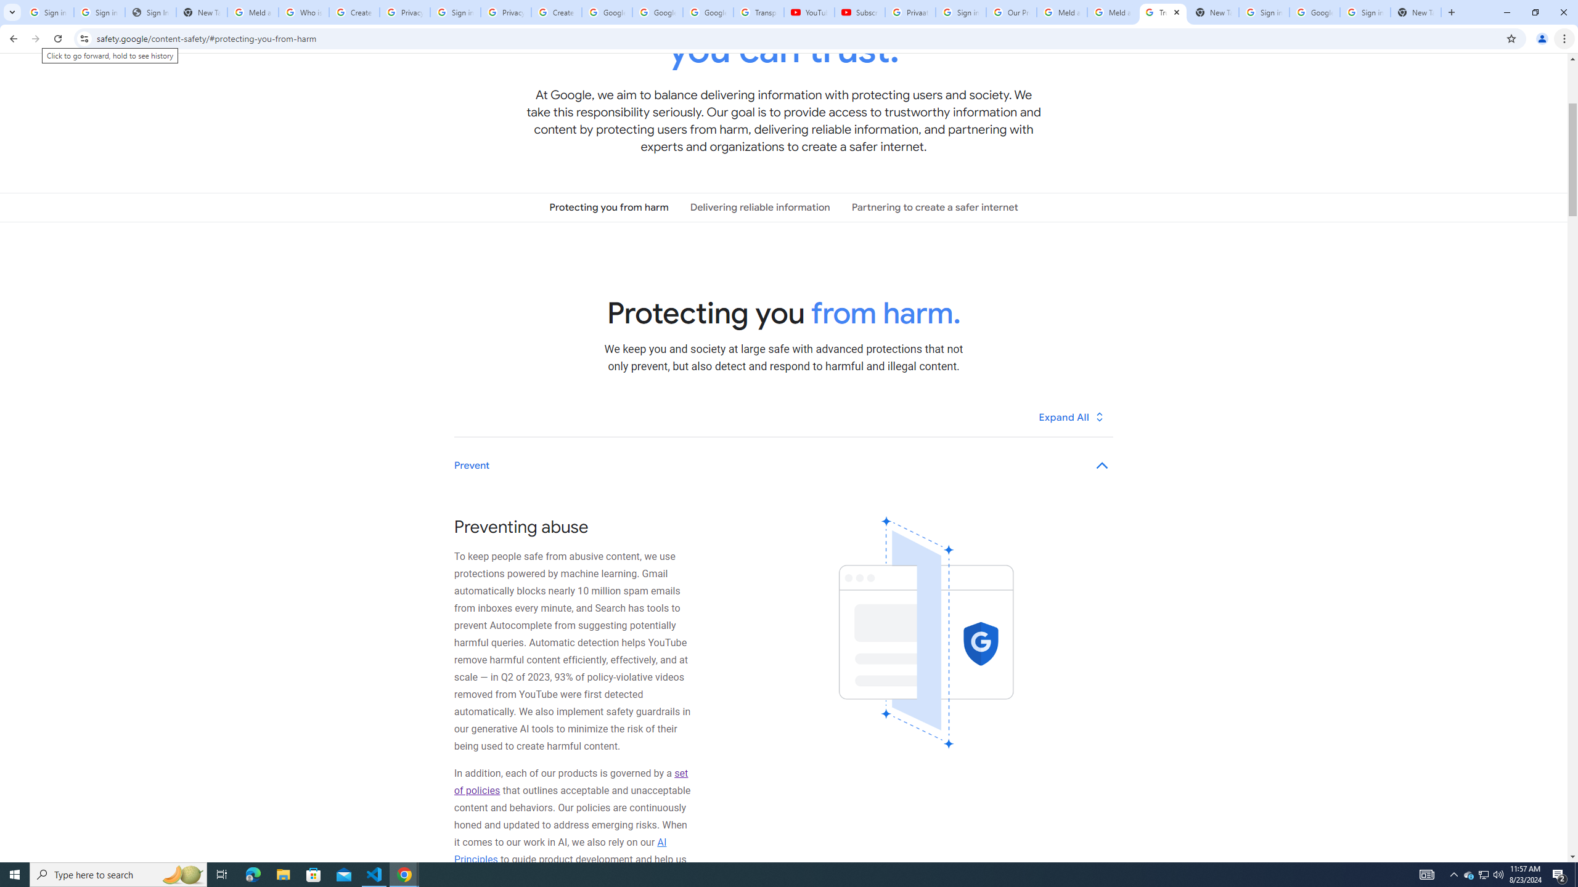 This screenshot has width=1578, height=887. What do you see at coordinates (303, 12) in the screenshot?
I see `'Who is my administrator? - Google Account Help'` at bounding box center [303, 12].